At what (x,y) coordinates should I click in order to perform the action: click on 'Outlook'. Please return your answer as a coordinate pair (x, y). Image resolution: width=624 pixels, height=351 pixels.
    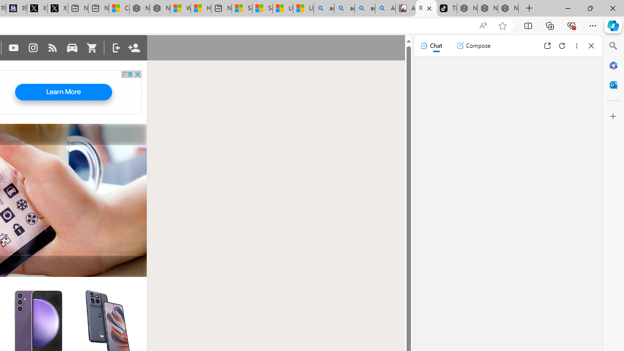
    Looking at the image, I should click on (613, 84).